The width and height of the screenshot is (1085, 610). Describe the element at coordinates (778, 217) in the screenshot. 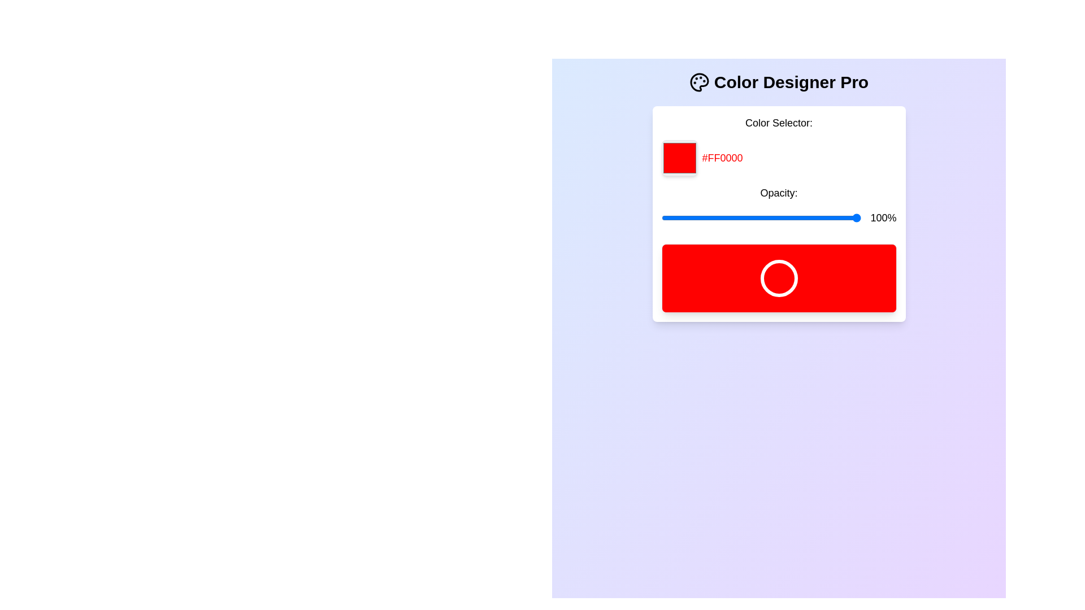

I see `displayed percentage from the read-only text label showing '100%' located at the far right of the horizontal slider in the 'Opacity' section` at that location.